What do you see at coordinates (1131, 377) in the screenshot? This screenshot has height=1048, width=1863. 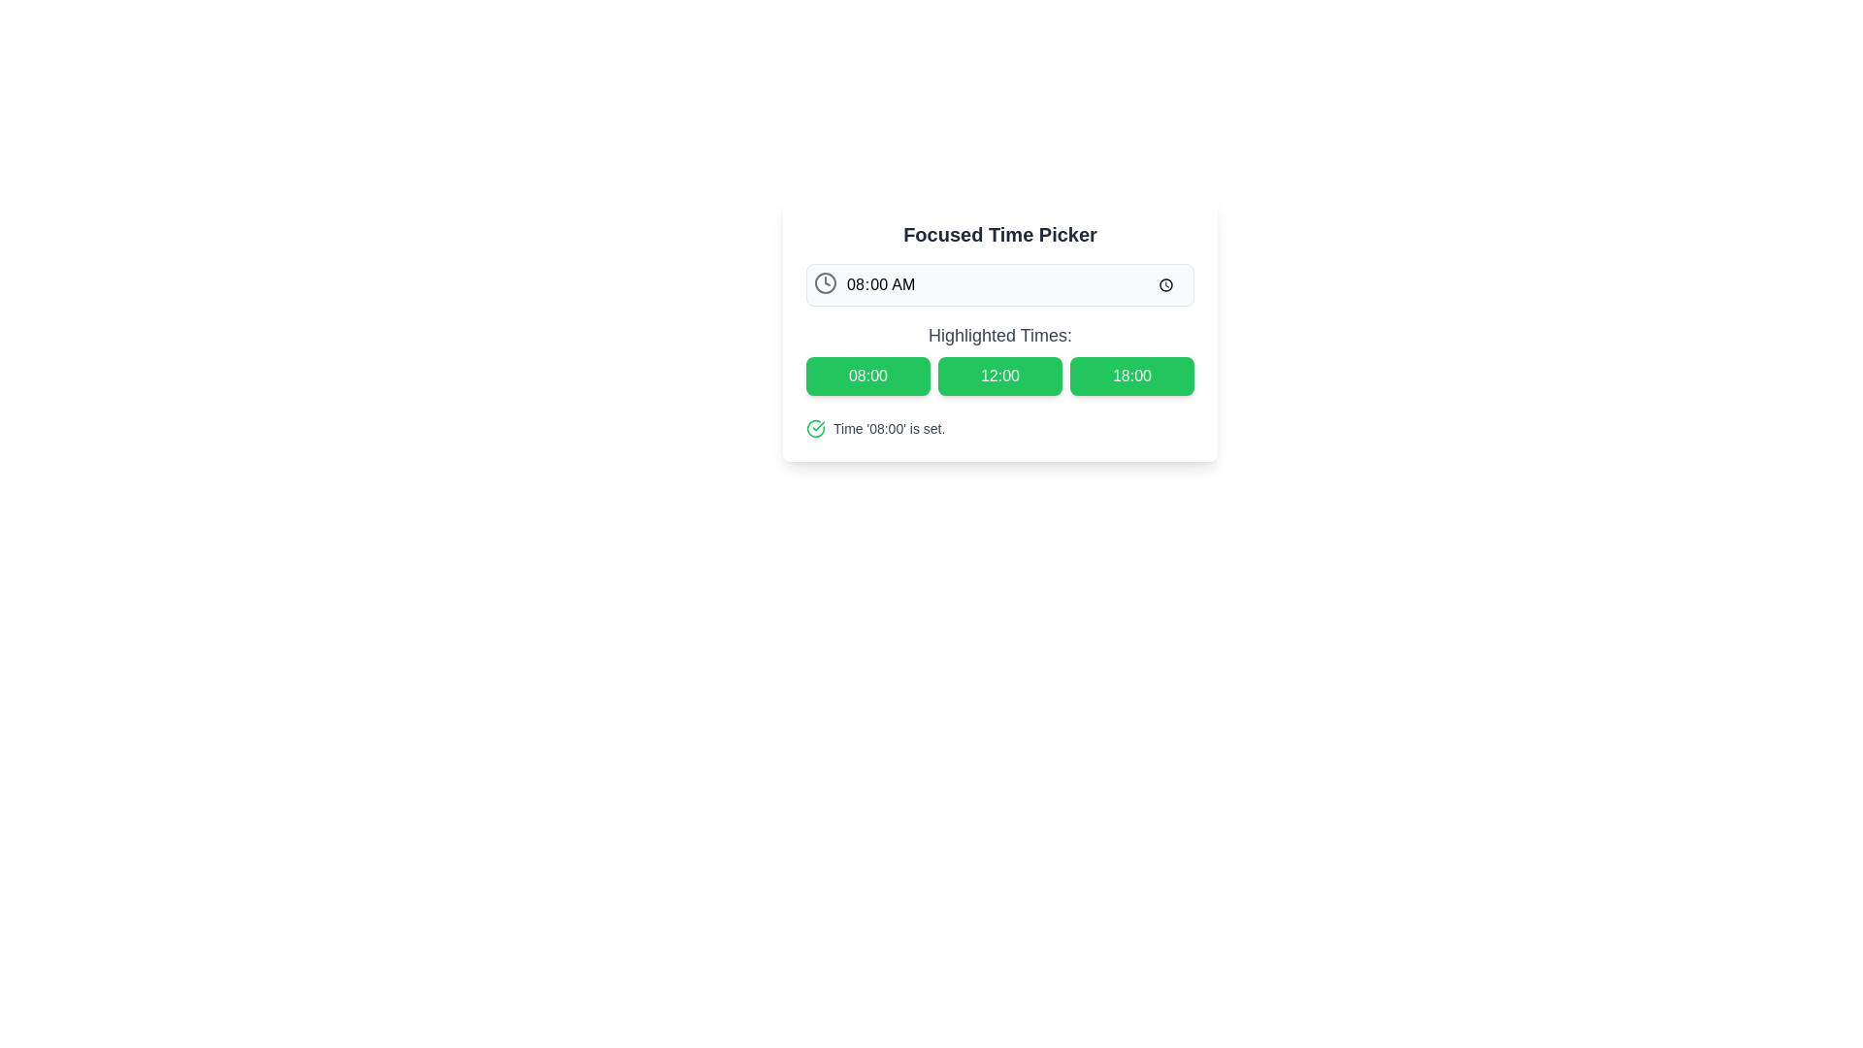 I see `the time selection button labeled '6:00 PM' in the Focused Time Picker interface` at bounding box center [1131, 377].